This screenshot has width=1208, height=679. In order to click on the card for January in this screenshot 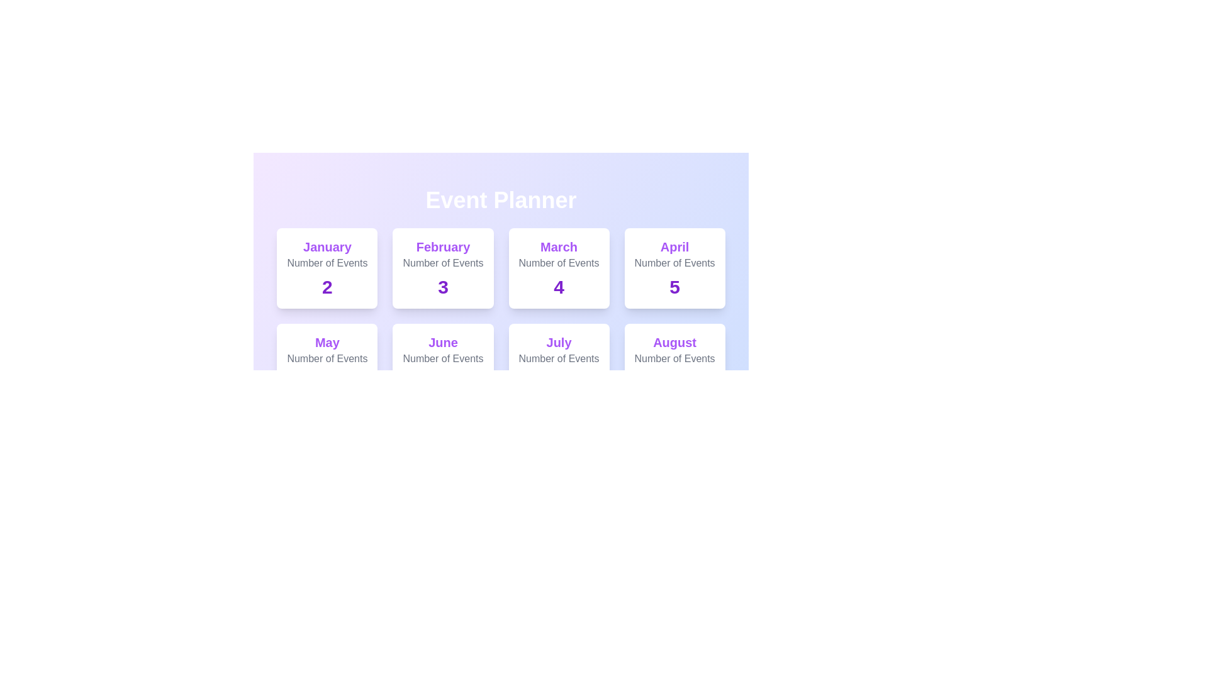, I will do `click(327, 268)`.